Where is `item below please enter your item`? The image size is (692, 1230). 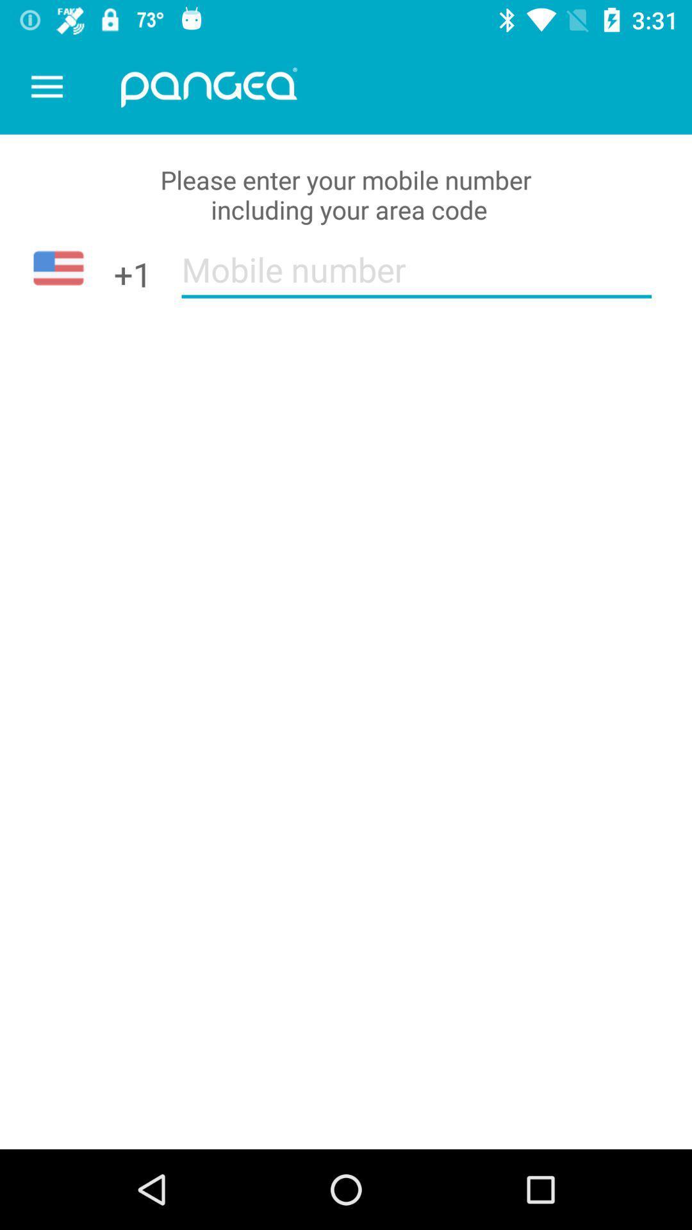
item below please enter your item is located at coordinates (416, 277).